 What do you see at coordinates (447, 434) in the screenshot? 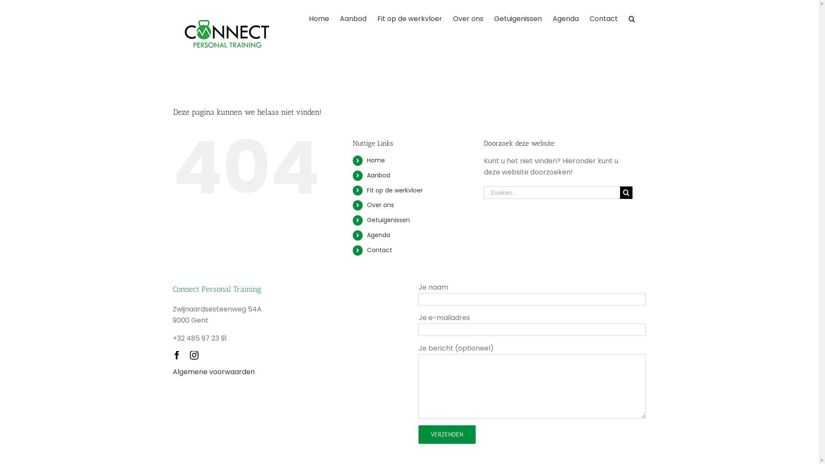
I see `'Verzenden'` at bounding box center [447, 434].